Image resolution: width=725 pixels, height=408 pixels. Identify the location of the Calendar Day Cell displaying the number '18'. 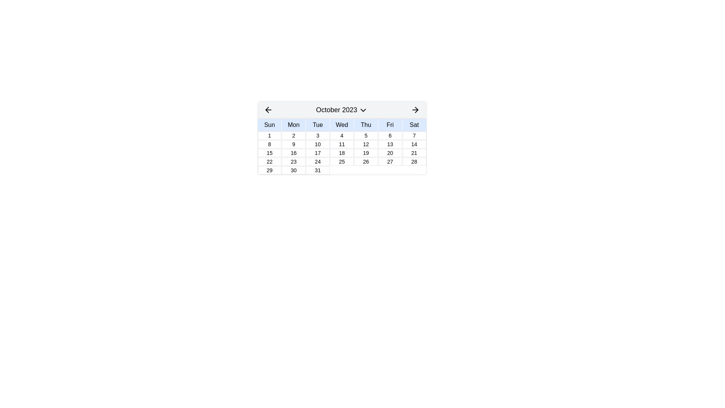
(341, 153).